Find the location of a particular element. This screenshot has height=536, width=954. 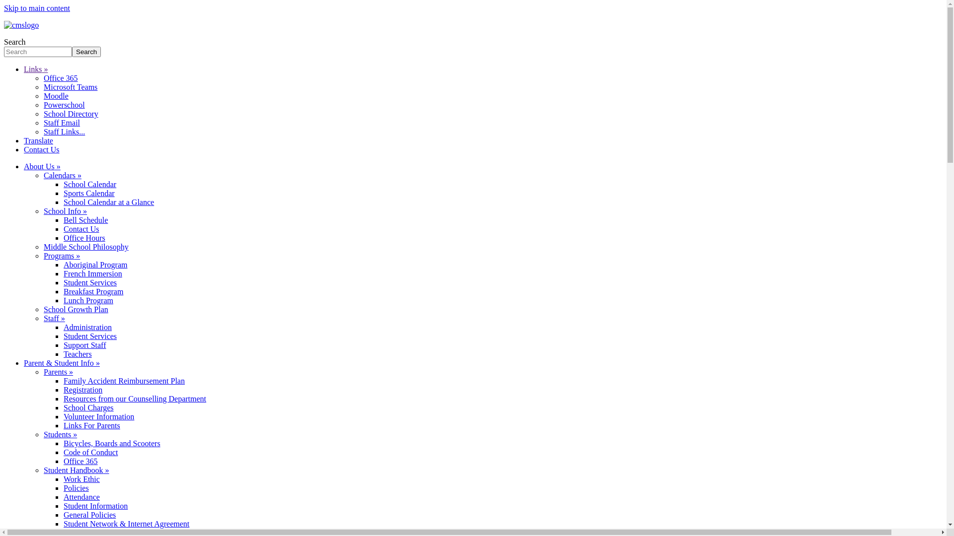

'Bicycles, Boards and Scooters' is located at coordinates (112, 443).